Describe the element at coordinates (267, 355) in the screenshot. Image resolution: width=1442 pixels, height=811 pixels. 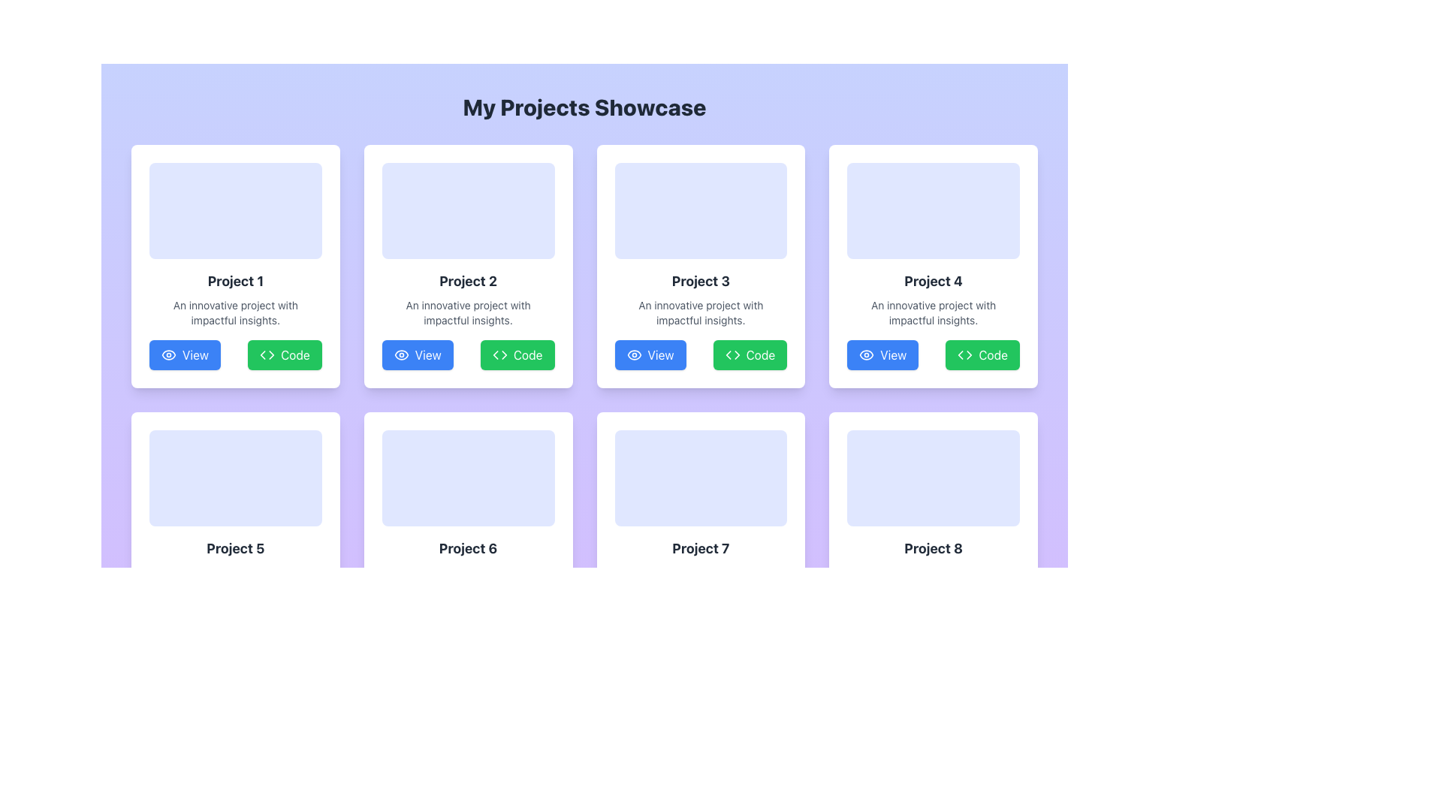
I see `the 'Code' button located at the bottom of the first project card` at that location.